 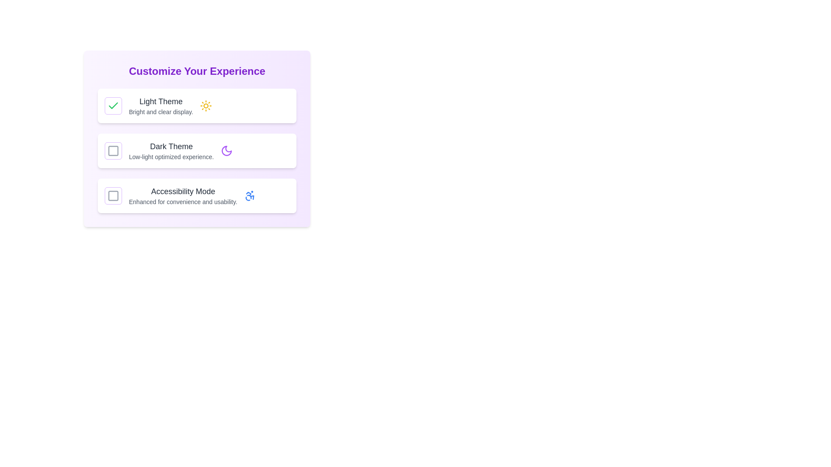 I want to click on the 'Light Theme' card, which is the first card in the list of theme options, featuring a white background, a green checkmark icon on the left, and a yellow sun icon on the right, with the title 'Light Theme' and subtitle 'Bright and clear display', so click(x=196, y=106).